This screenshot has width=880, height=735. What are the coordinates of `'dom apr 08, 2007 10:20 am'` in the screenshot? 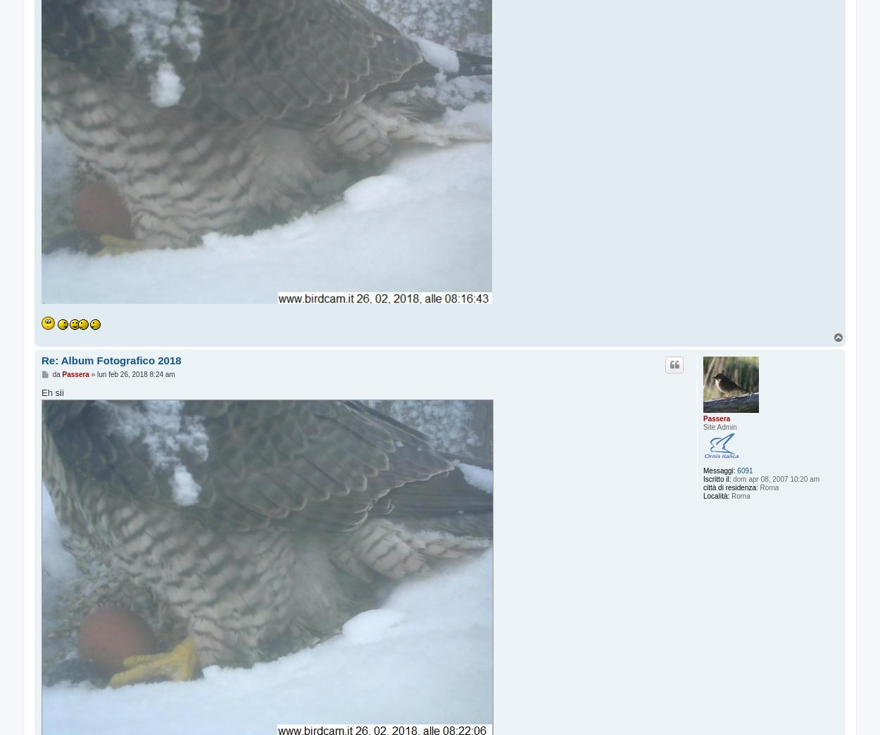 It's located at (774, 478).